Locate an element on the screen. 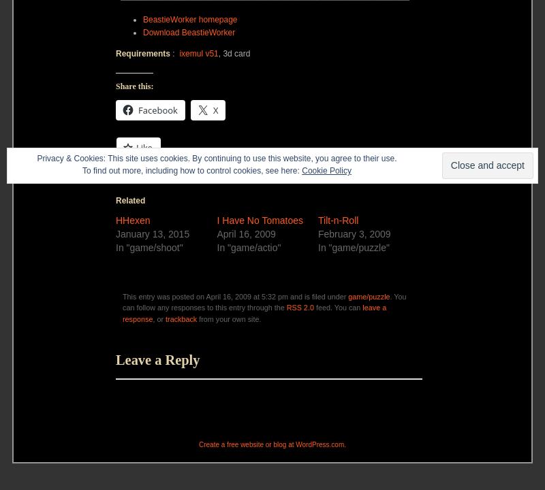  'Related' is located at coordinates (129, 199).